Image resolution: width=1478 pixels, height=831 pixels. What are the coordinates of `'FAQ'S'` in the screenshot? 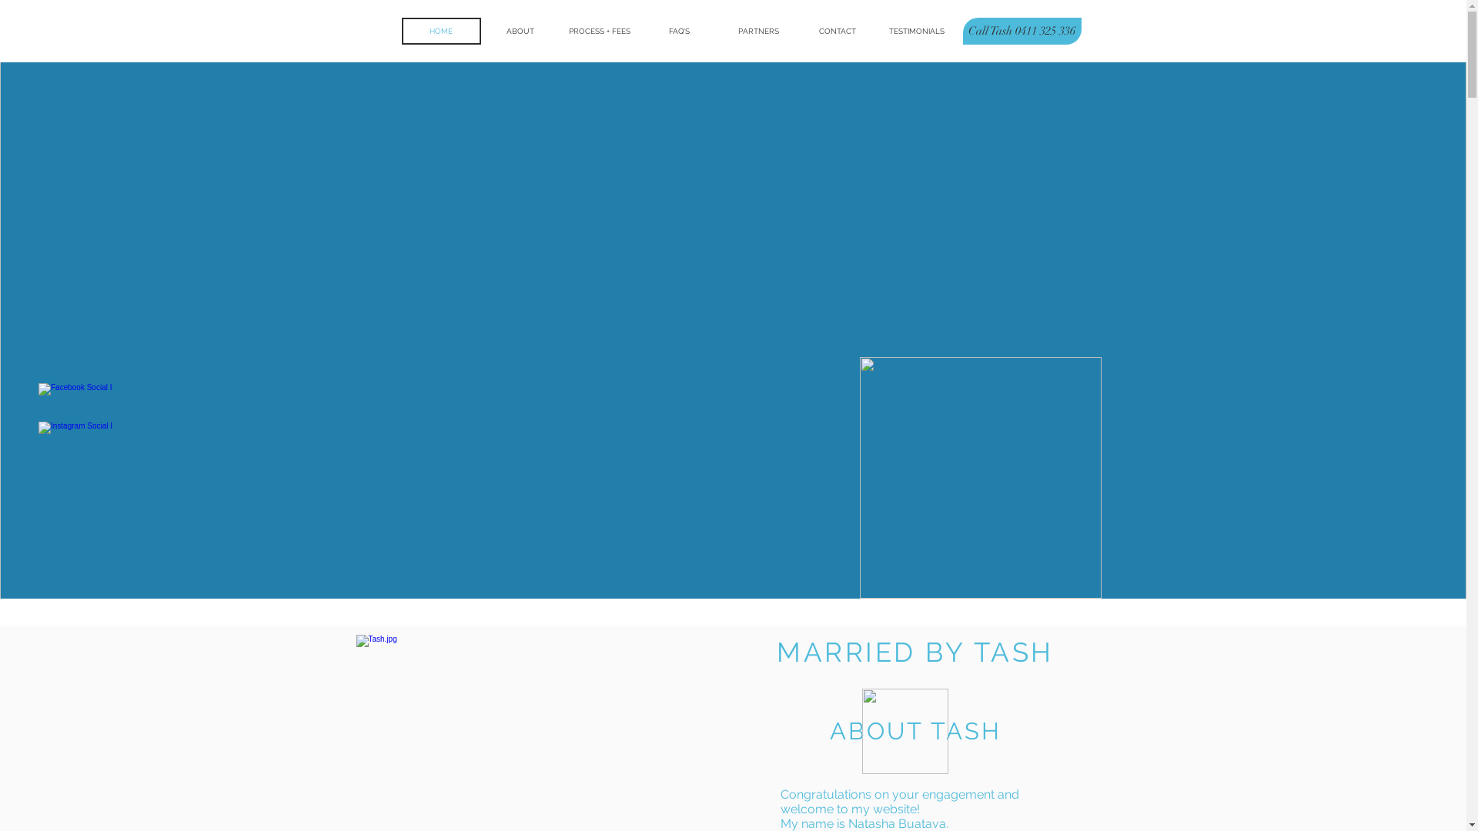 It's located at (639, 31).